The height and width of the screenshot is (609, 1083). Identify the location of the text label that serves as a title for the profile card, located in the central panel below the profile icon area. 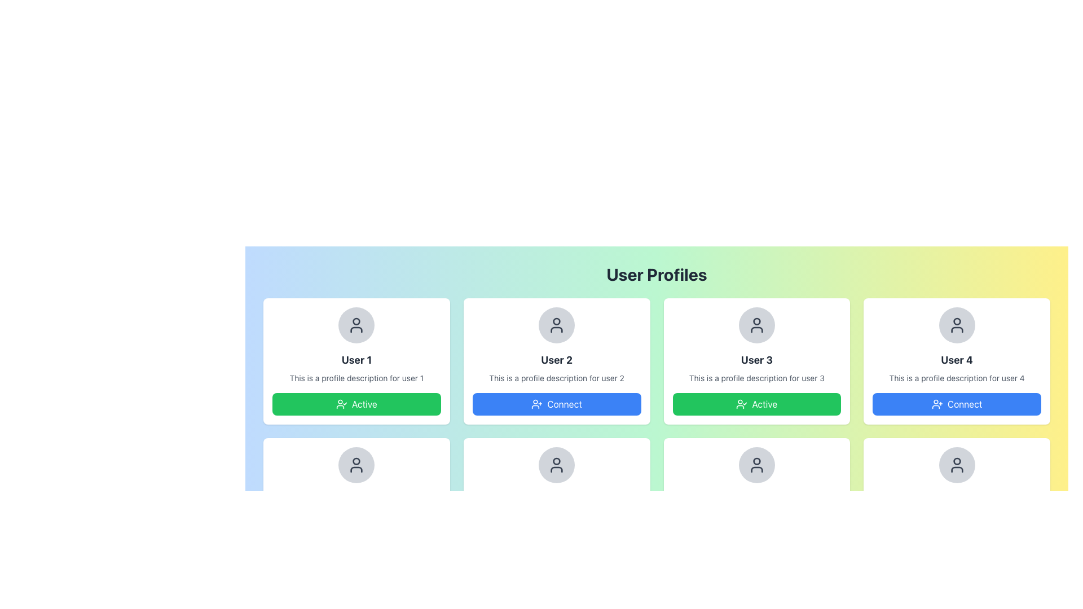
(557, 360).